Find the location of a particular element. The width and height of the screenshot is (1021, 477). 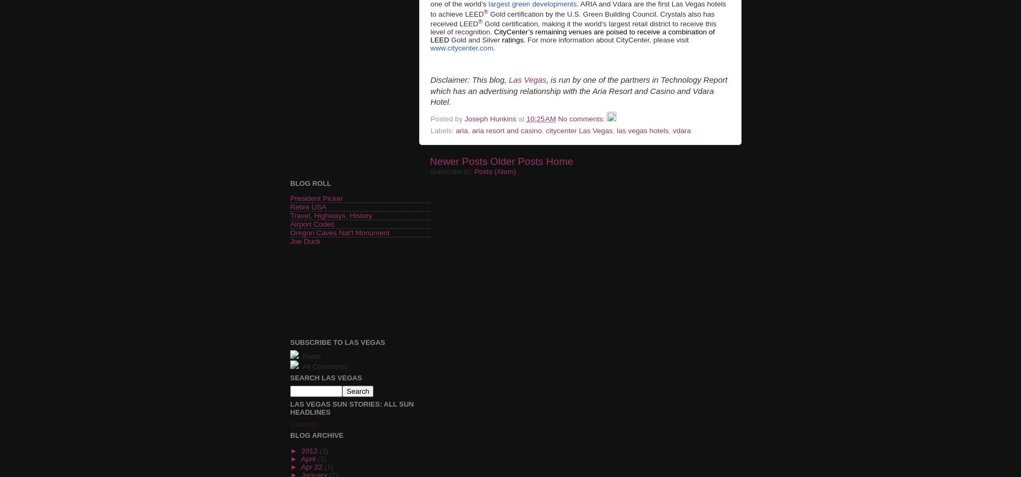

'10:25 AM' is located at coordinates (541, 118).